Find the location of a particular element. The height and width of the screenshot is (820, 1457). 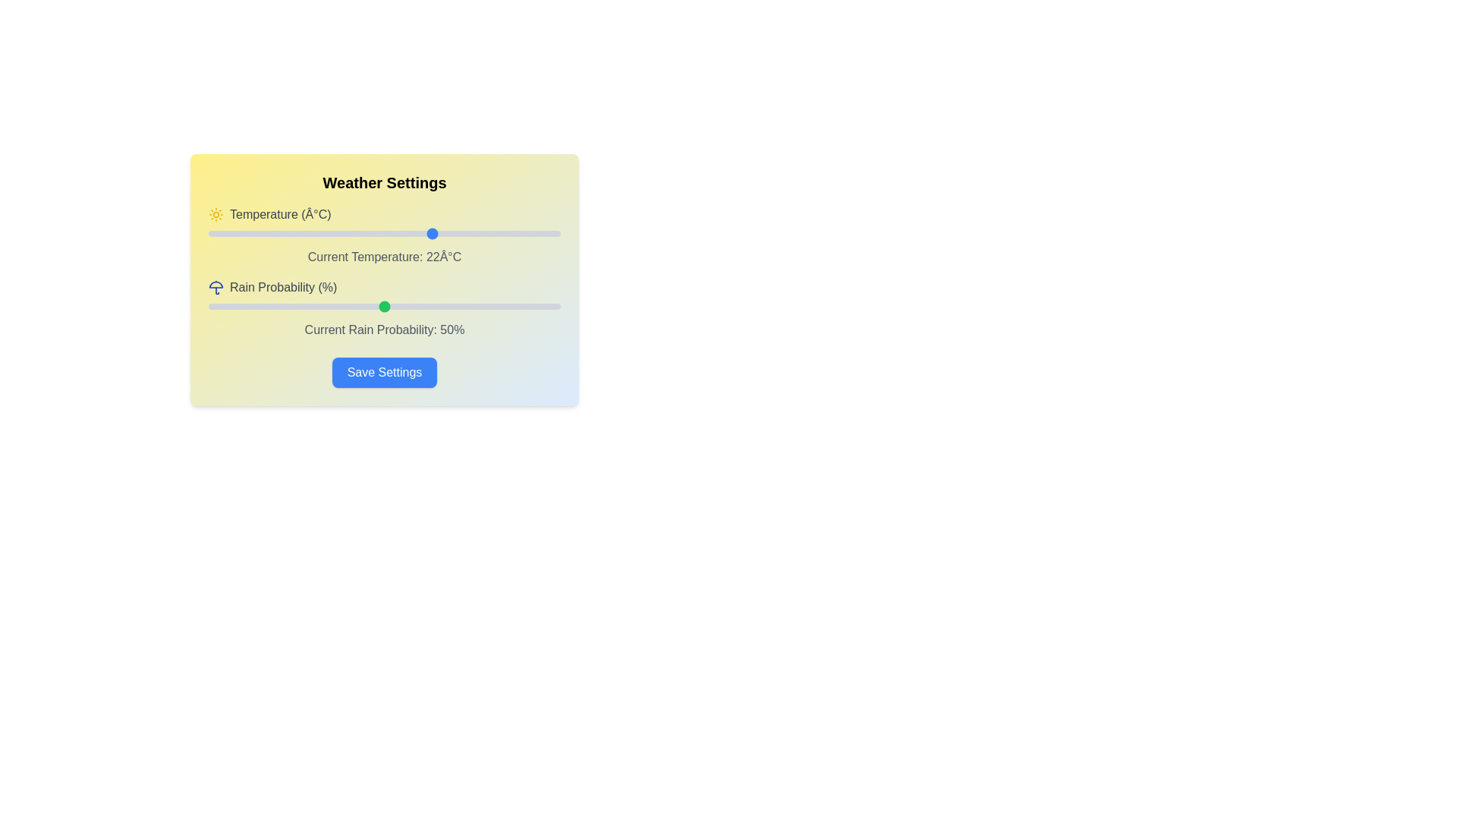

the temperature slider to 18 degrees Celsius is located at coordinates (405, 234).